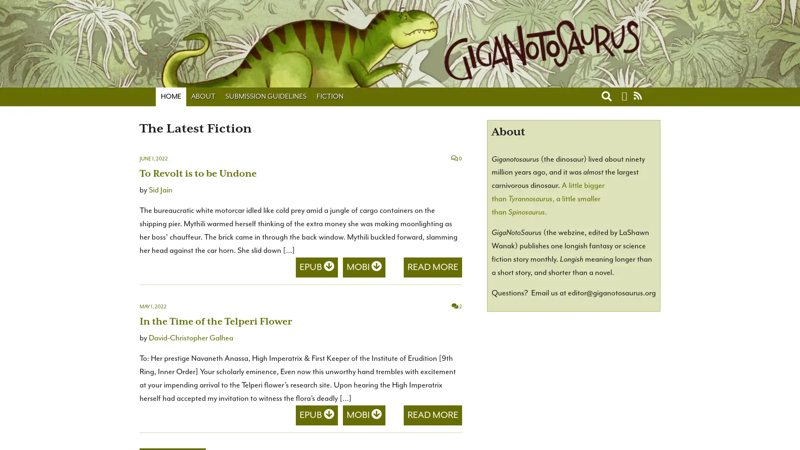 The height and width of the screenshot is (450, 800). What do you see at coordinates (602, 96) in the screenshot?
I see `Toggle search` at bounding box center [602, 96].